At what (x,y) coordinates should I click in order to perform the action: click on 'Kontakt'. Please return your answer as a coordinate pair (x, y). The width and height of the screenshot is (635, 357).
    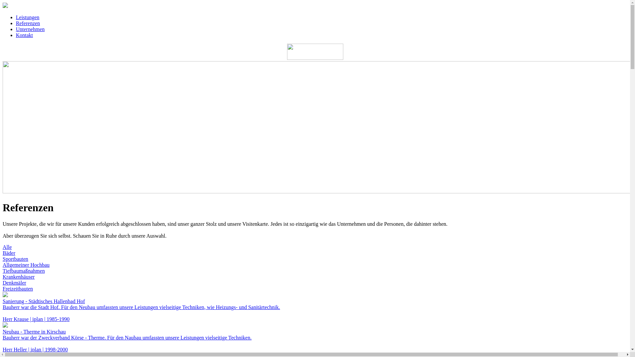
    Looking at the image, I should click on (24, 35).